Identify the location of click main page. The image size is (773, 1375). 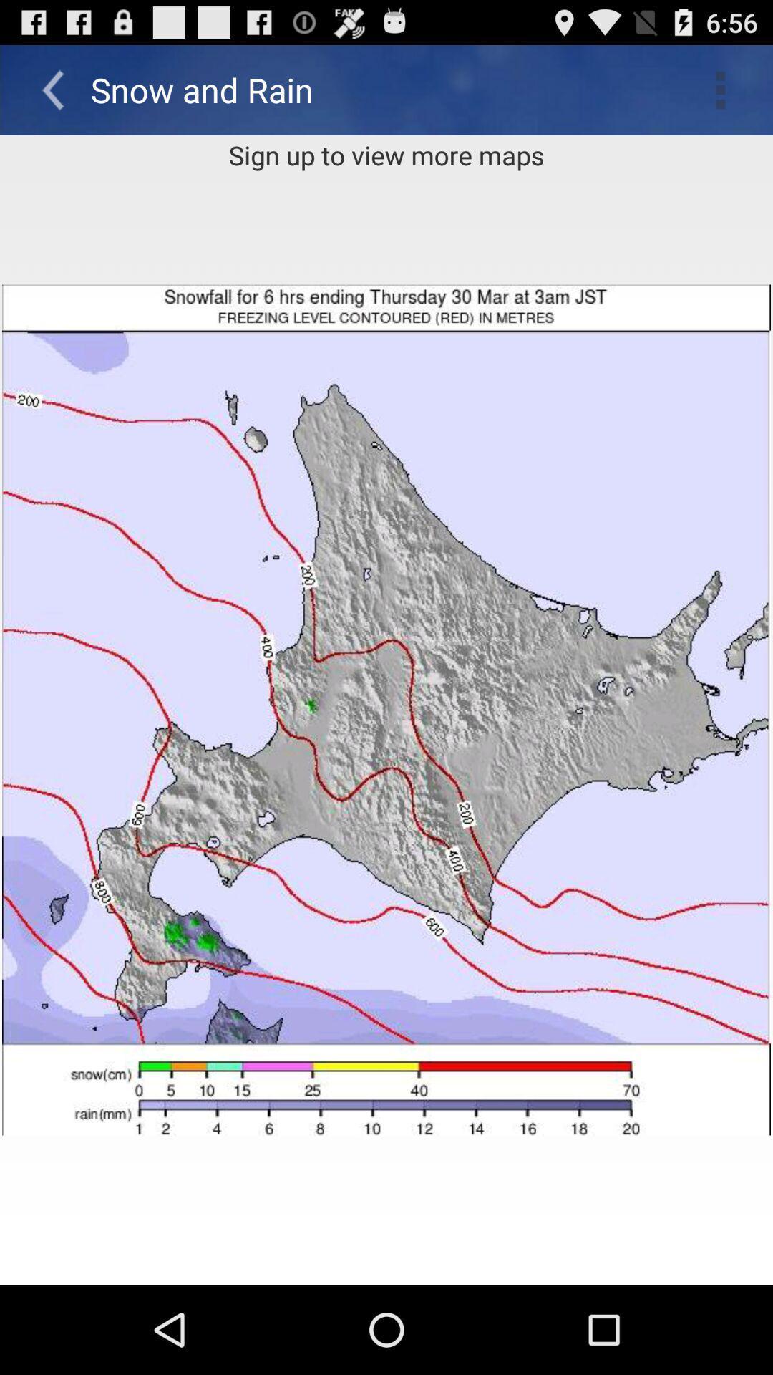
(386, 710).